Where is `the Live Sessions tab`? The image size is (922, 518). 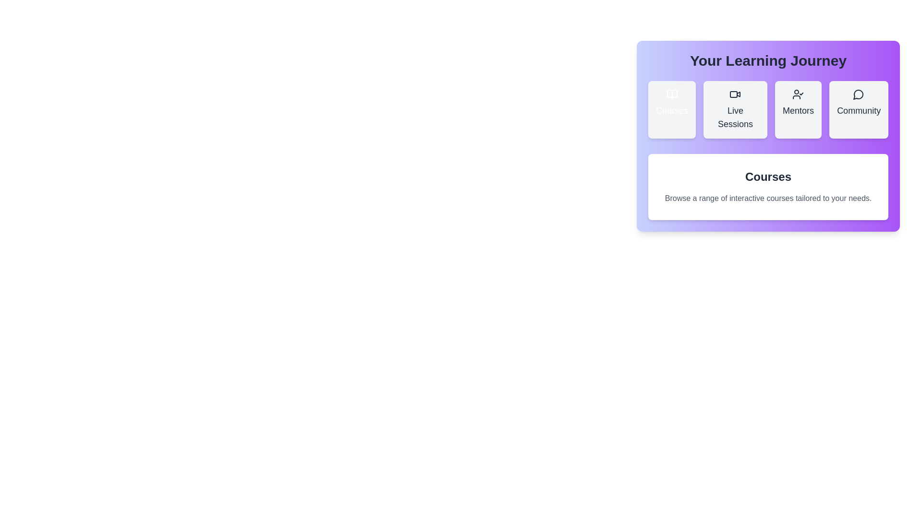
the Live Sessions tab is located at coordinates (735, 109).